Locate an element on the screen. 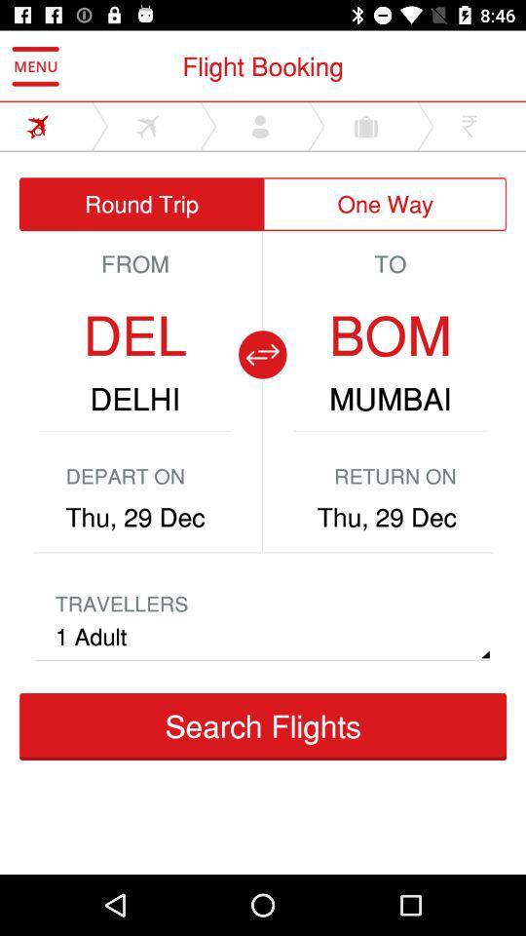  the check-in icon is located at coordinates (131, 769).